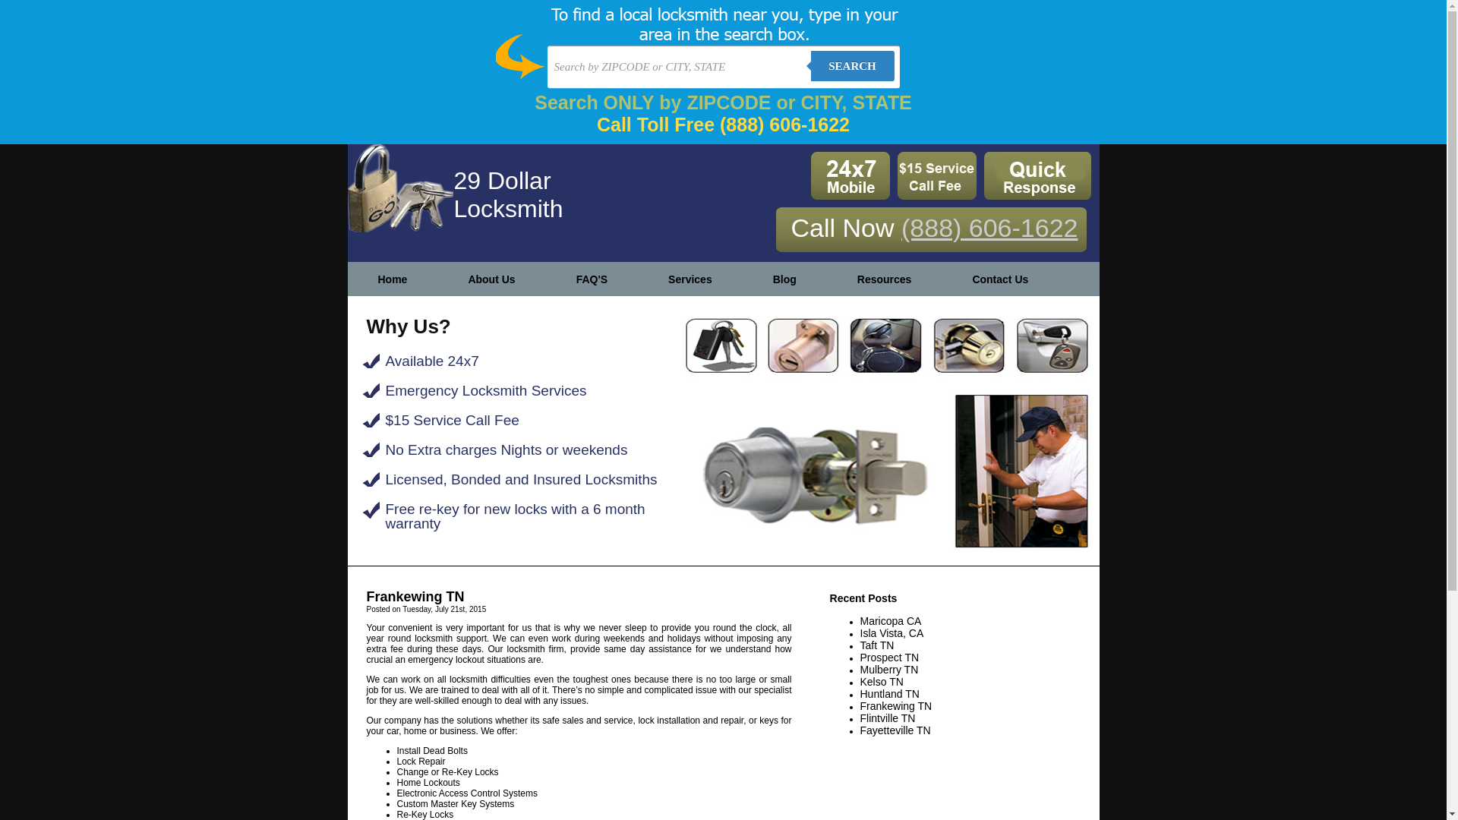  What do you see at coordinates (887, 717) in the screenshot?
I see `'Flintville TN'` at bounding box center [887, 717].